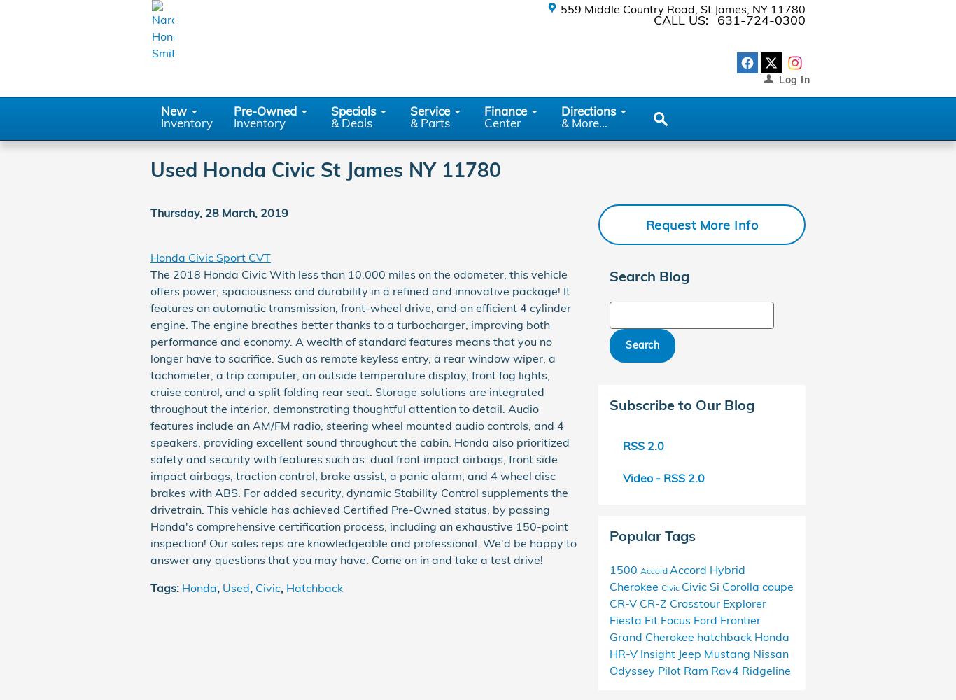 The height and width of the screenshot is (700, 956). Describe the element at coordinates (787, 9) in the screenshot. I see `'11780'` at that location.